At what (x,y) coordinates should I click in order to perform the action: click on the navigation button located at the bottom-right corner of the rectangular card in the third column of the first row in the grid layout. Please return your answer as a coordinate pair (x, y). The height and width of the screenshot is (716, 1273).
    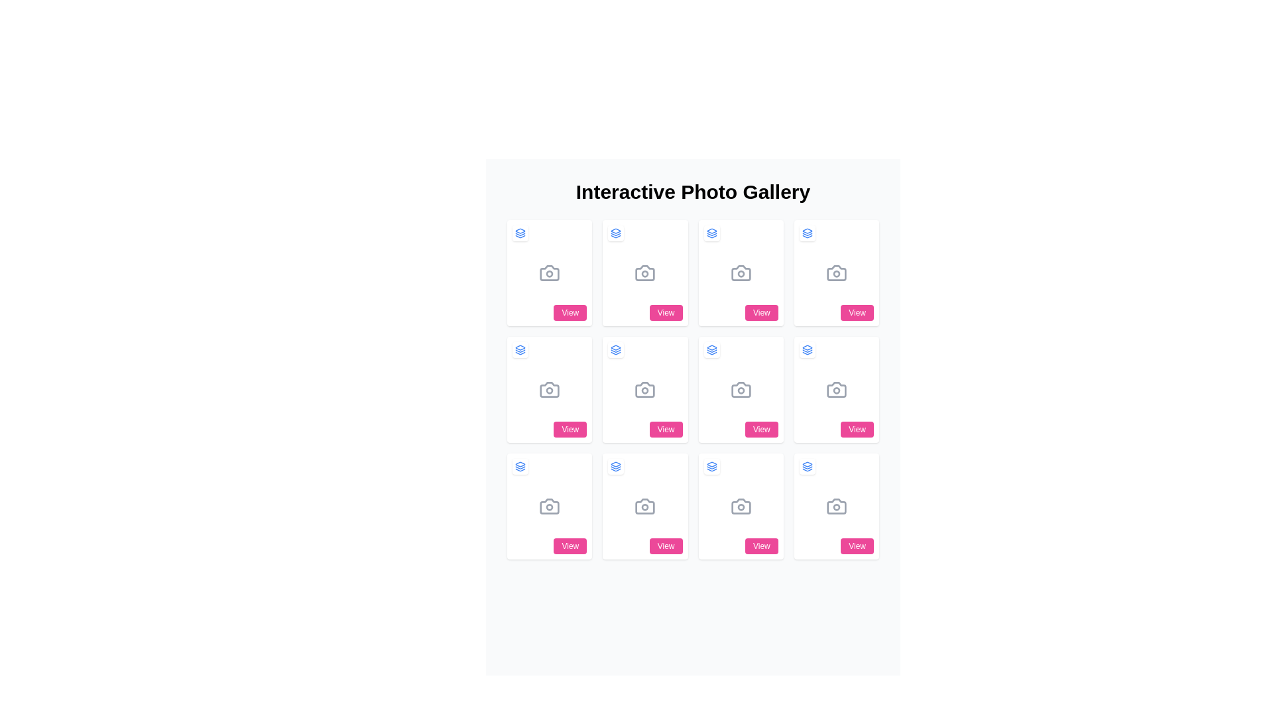
    Looking at the image, I should click on (761, 312).